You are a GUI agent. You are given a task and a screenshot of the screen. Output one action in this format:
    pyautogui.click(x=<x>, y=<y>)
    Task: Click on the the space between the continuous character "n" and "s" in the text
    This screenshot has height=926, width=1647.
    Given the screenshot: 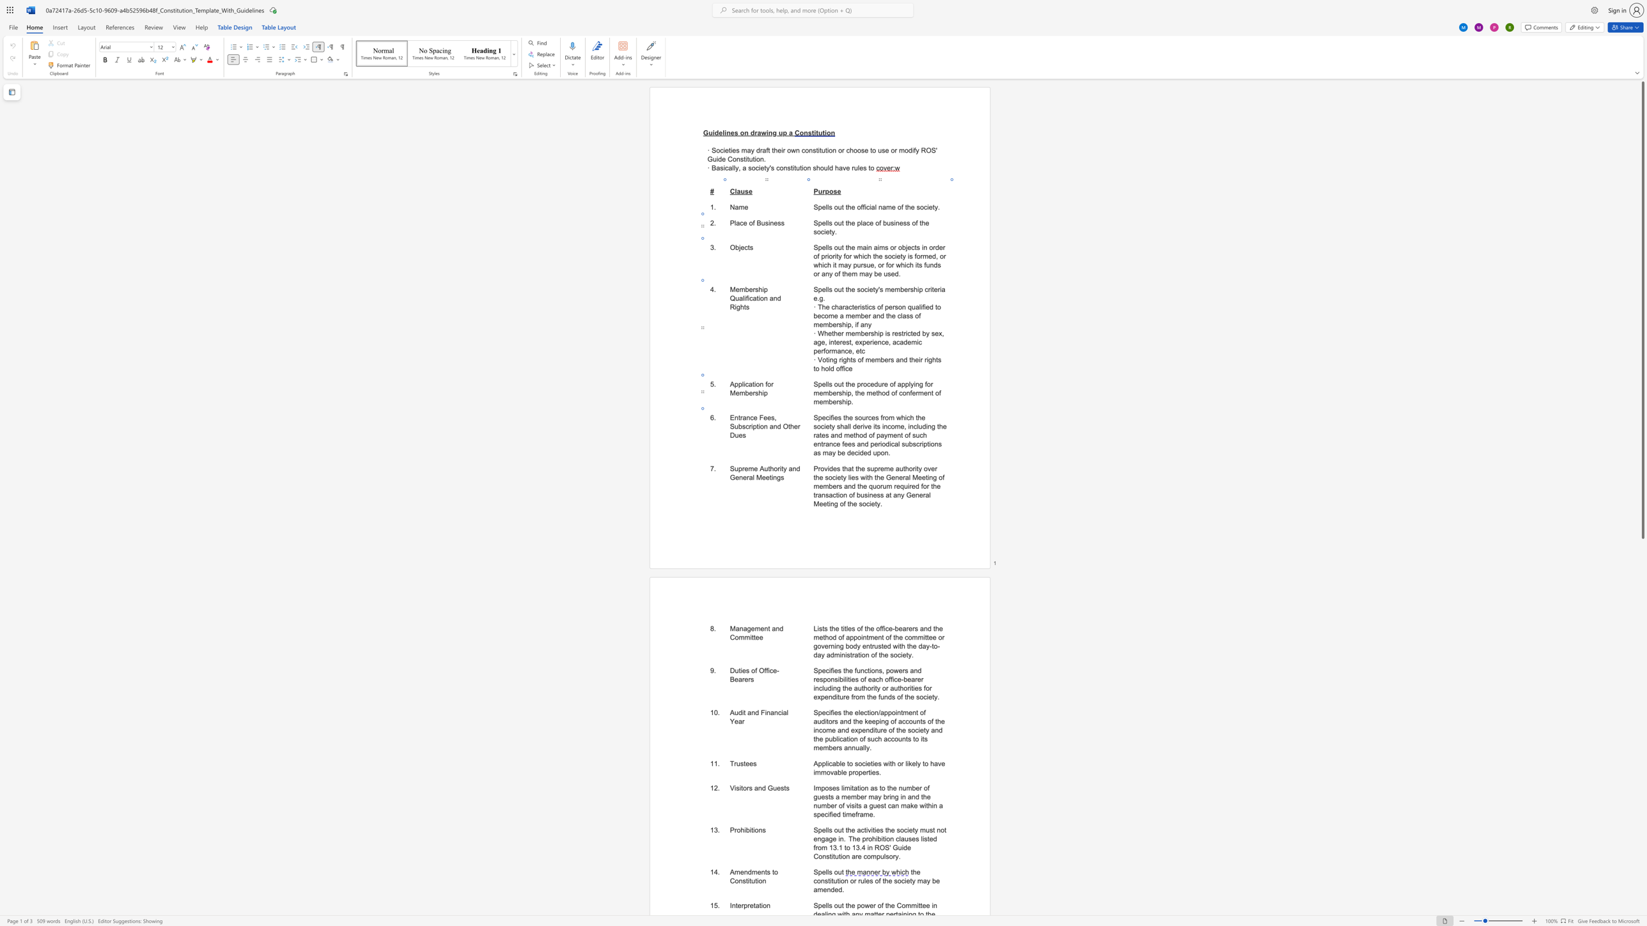 What is the action you would take?
    pyautogui.click(x=937, y=444)
    